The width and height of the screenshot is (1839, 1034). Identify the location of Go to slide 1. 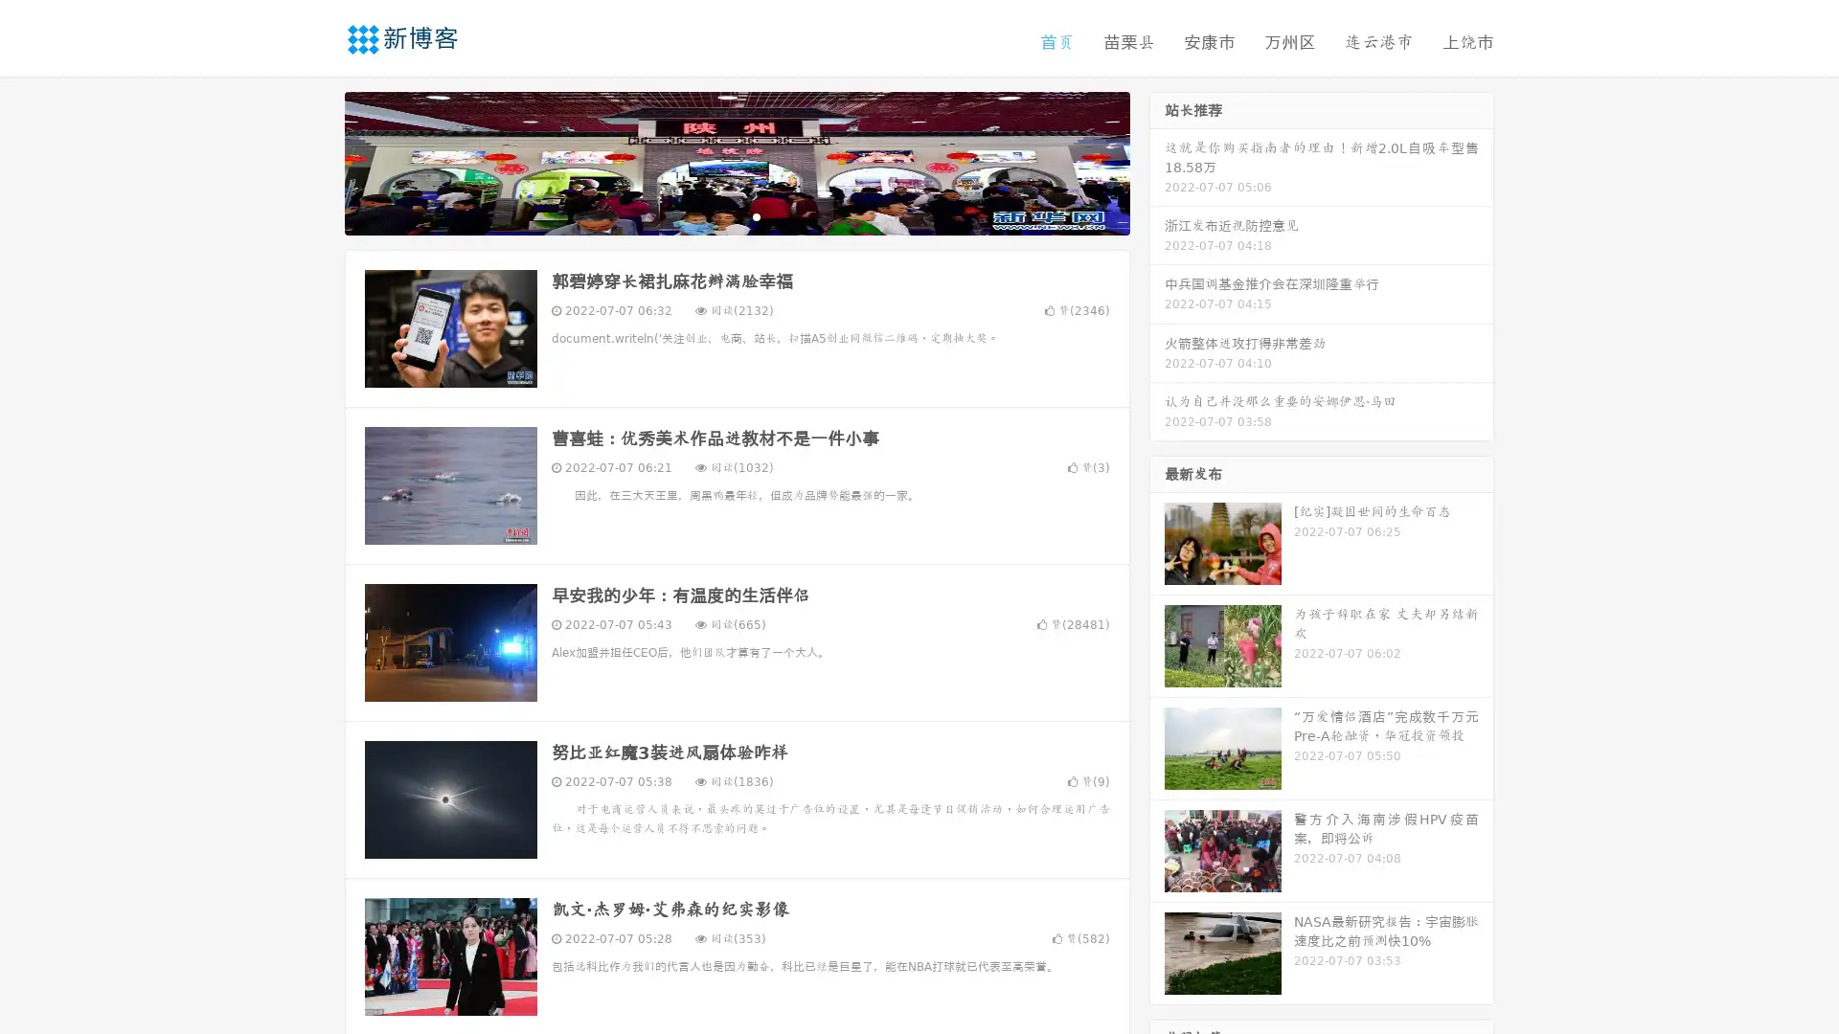
(716, 215).